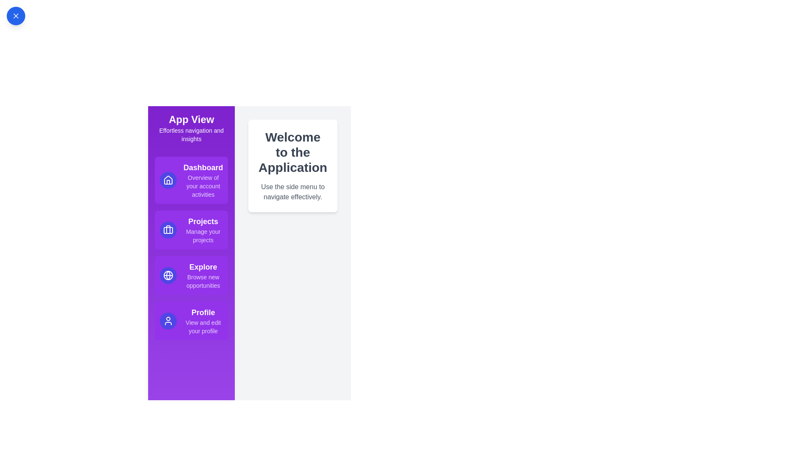 The width and height of the screenshot is (808, 455). I want to click on the menu item Explore from the drawer, so click(191, 276).